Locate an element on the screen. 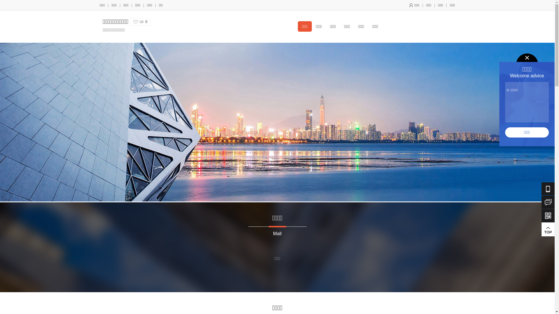 This screenshot has height=314, width=559. 'TOP' is located at coordinates (548, 229).